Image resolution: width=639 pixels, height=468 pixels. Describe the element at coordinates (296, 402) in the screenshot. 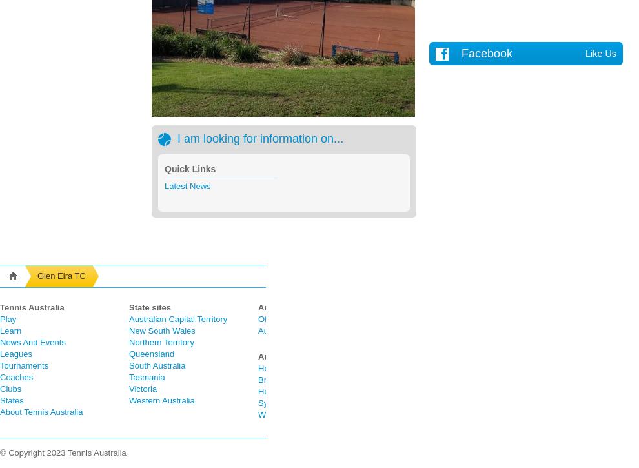

I see `'Sydney International'` at that location.